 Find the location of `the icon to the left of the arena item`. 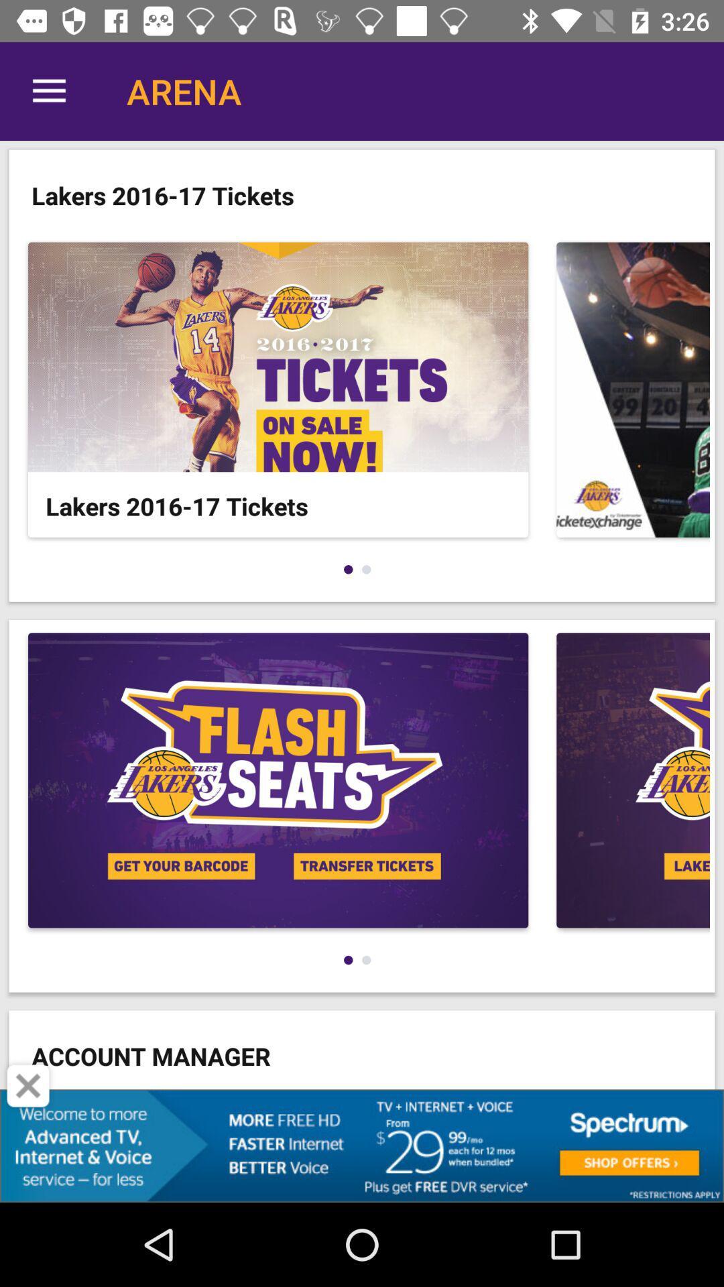

the icon to the left of the arena item is located at coordinates (48, 90).